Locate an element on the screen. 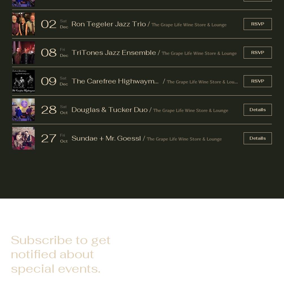  'The Carefree Highwaymen' is located at coordinates (117, 80).